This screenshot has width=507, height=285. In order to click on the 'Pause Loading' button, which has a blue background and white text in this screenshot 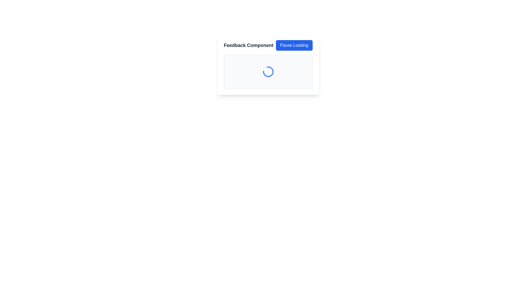, I will do `click(294, 45)`.